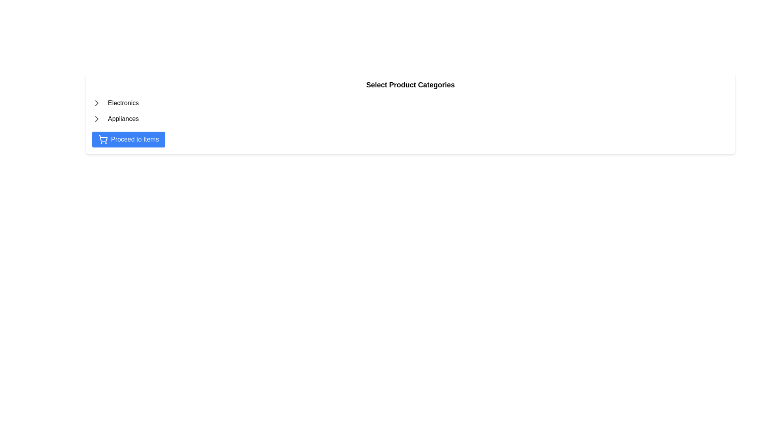  Describe the element at coordinates (123, 119) in the screenshot. I see `the third text label which serves as a category marker for navigation, positioned to the right of an arrow icon and below the 'Electronics' label` at that location.